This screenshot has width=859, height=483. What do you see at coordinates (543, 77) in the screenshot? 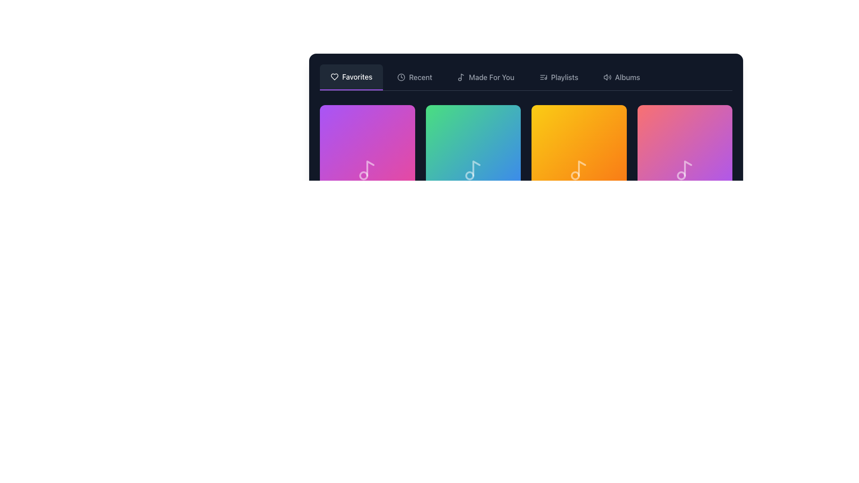
I see `the music playlist icon located inside the 'Playlists' button in the header navigation` at bounding box center [543, 77].